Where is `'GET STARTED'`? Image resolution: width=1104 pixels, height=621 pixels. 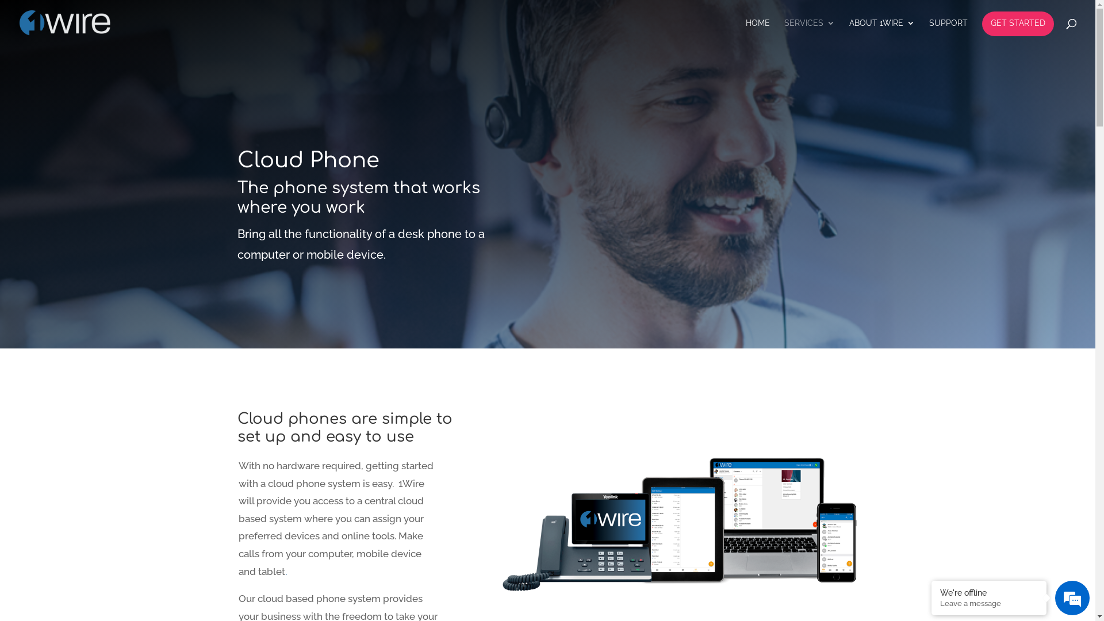 'GET STARTED' is located at coordinates (982, 24).